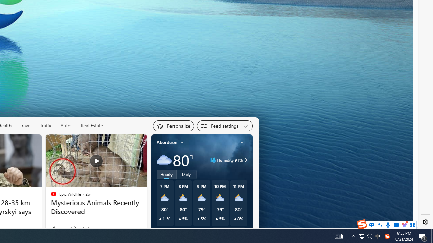  Describe the element at coordinates (66, 126) in the screenshot. I see `'Autos'` at that location.